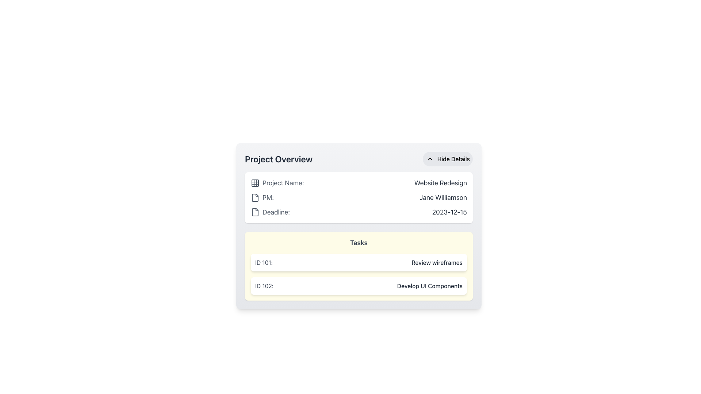  What do you see at coordinates (359, 285) in the screenshot?
I see `the task item in the task list that contains an identifier and description, positioned below 'ID 101: Review wireframes' in the 'Tasks' section` at bounding box center [359, 285].